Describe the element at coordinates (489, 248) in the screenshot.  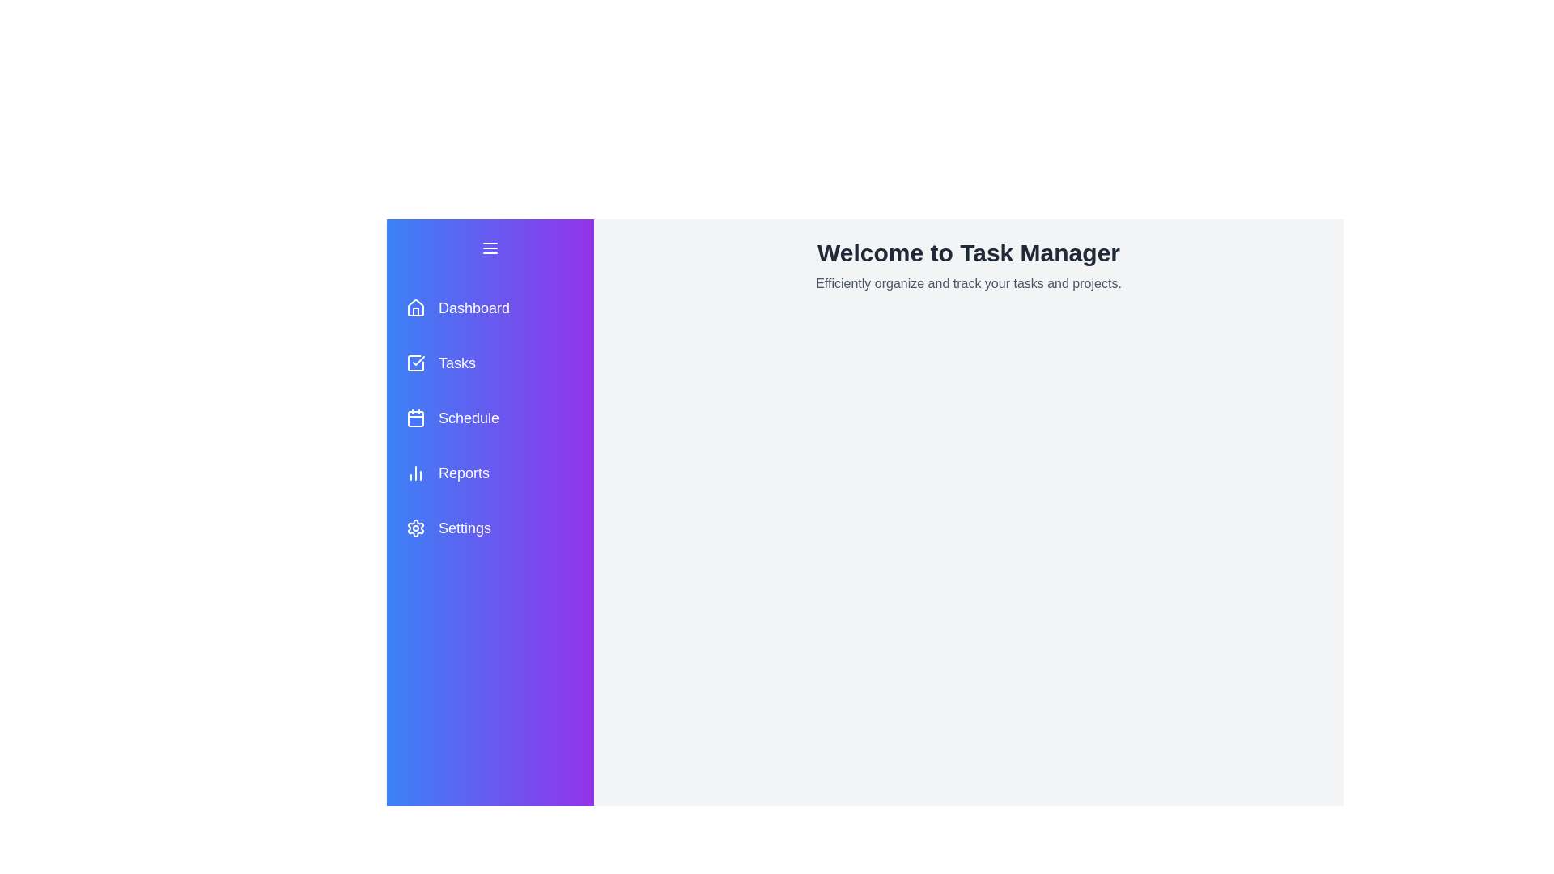
I see `the drawer toggle button to toggle the drawer open or closed` at that location.